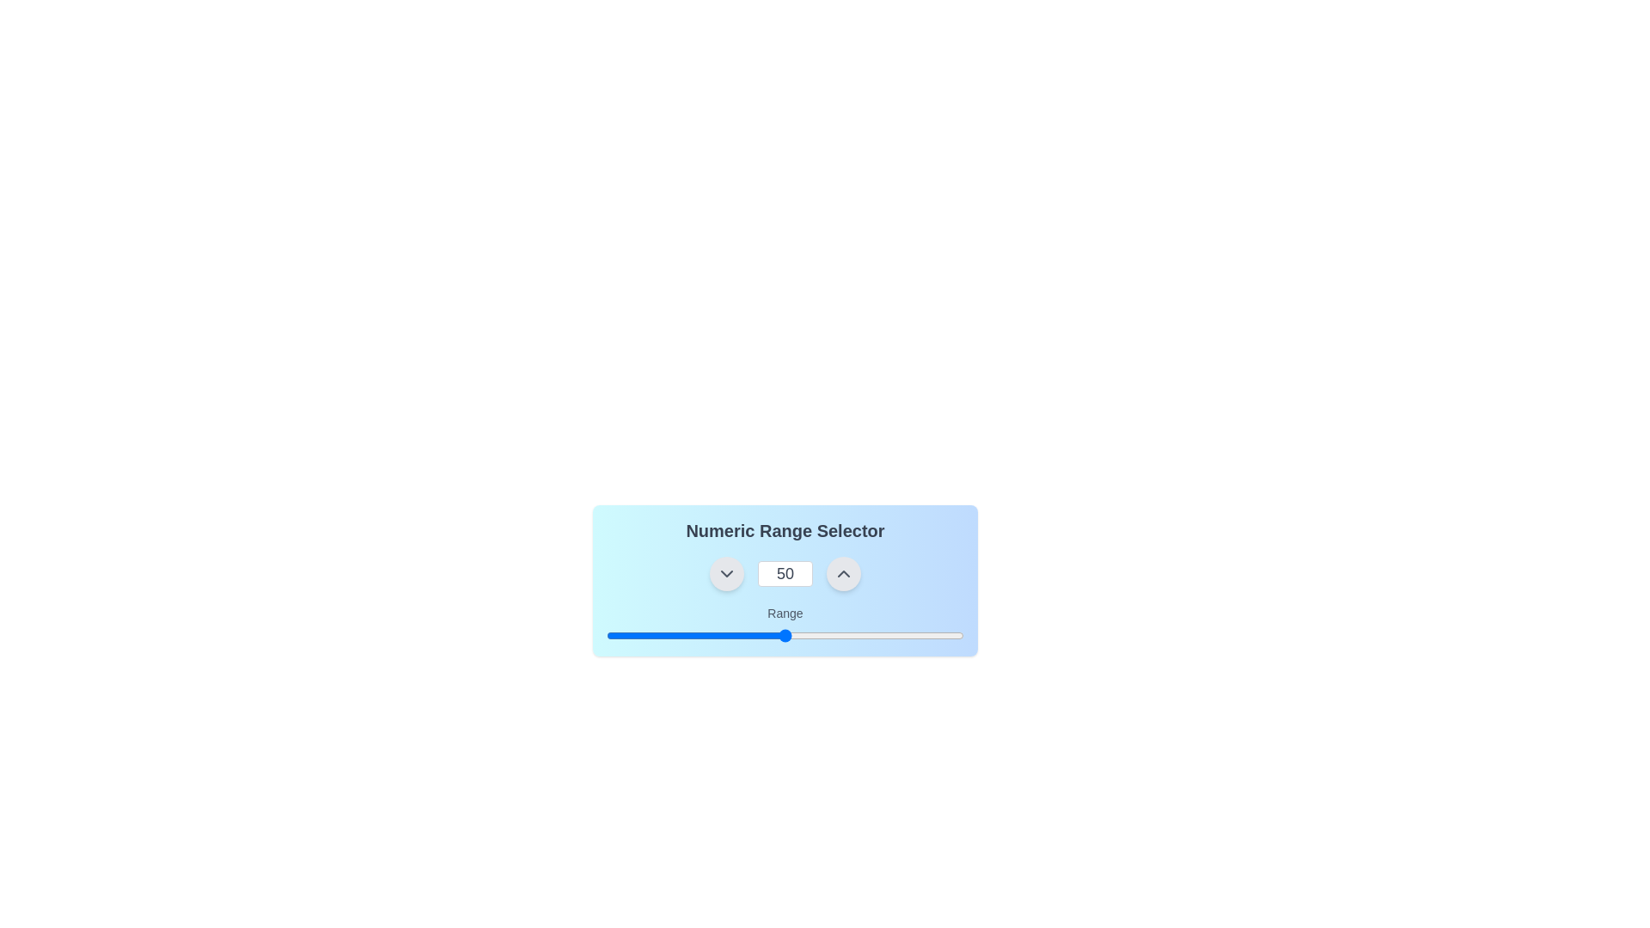 This screenshot has width=1650, height=928. I want to click on the numeric input field that allows users, so click(784, 573).